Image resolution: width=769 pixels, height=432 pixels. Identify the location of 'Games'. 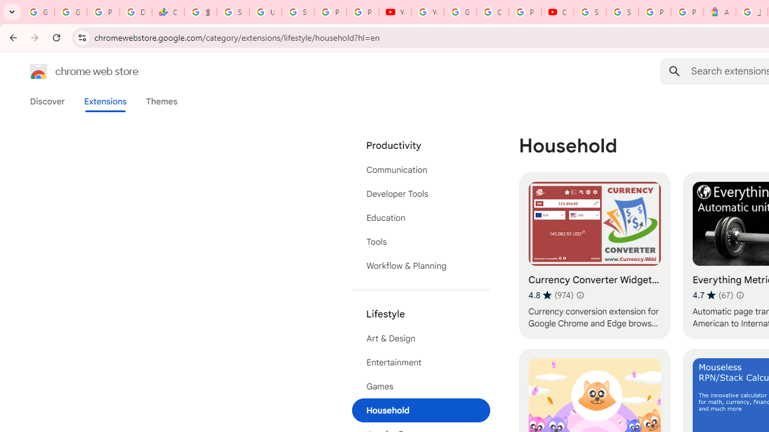
(421, 386).